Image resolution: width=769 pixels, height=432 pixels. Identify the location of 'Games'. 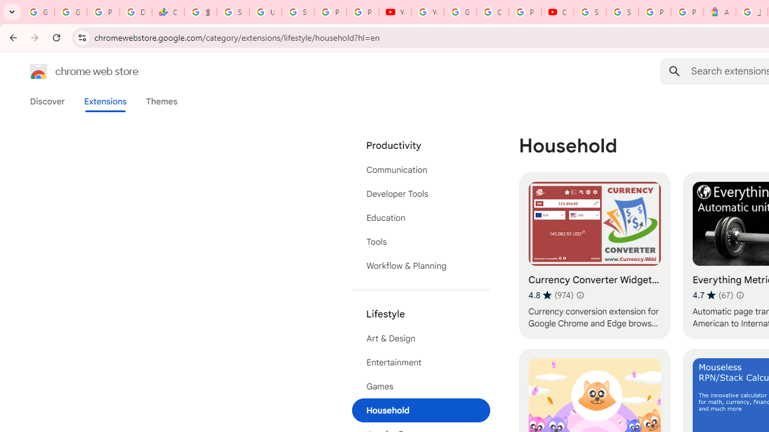
(421, 386).